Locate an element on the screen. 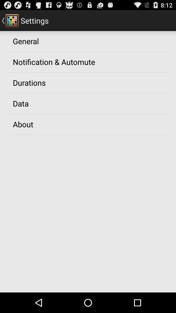 Image resolution: width=176 pixels, height=313 pixels. the notification & automute is located at coordinates (53, 62).